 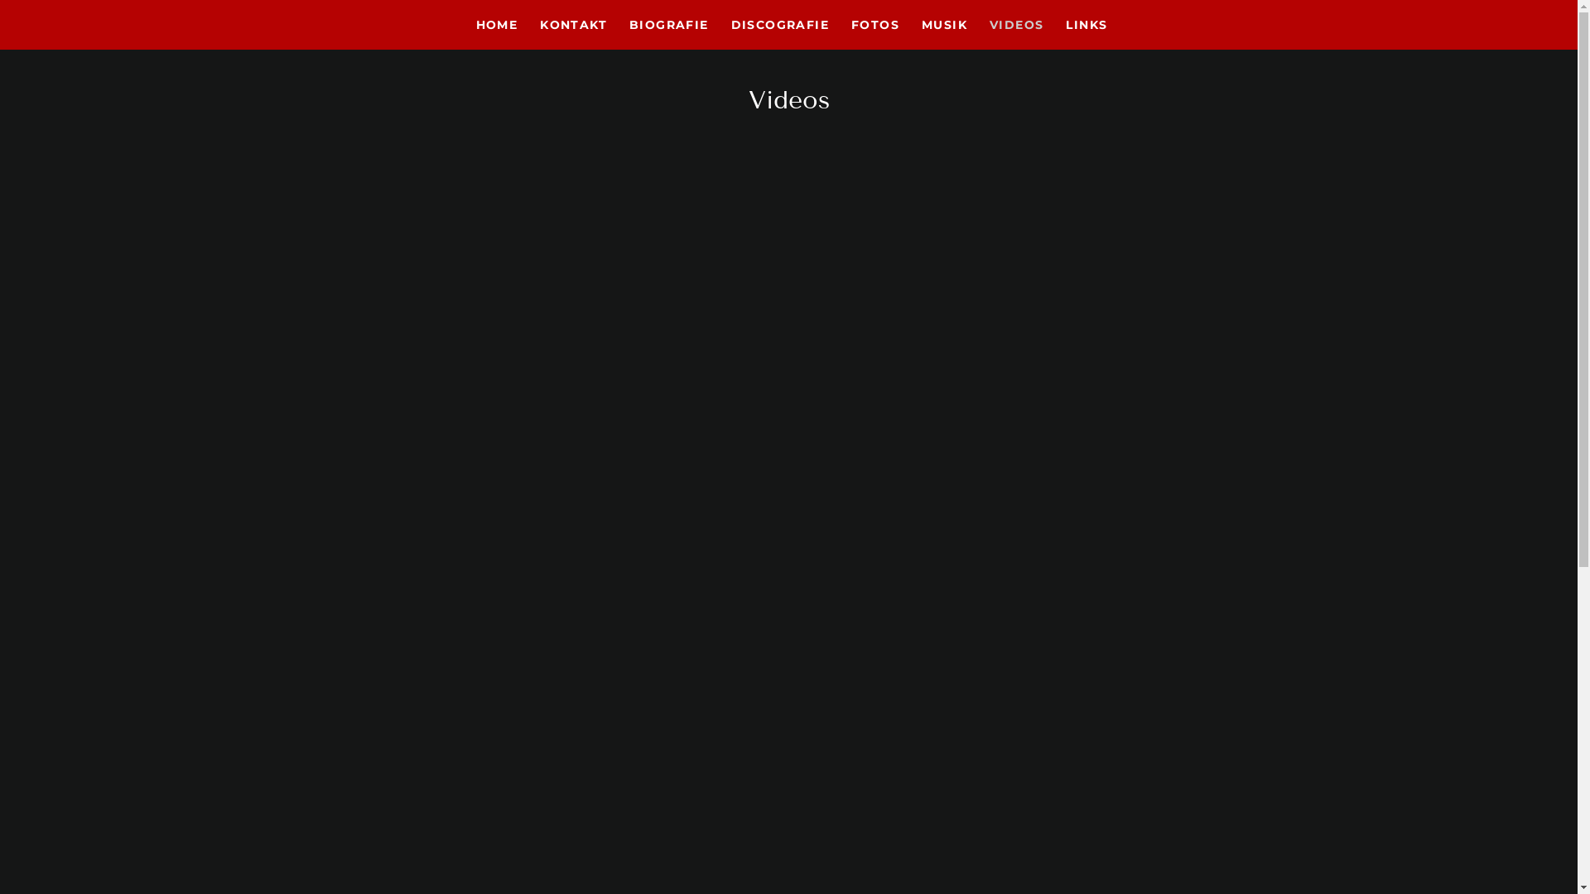 What do you see at coordinates (719, 25) in the screenshot?
I see `'DISCOGRAFIE'` at bounding box center [719, 25].